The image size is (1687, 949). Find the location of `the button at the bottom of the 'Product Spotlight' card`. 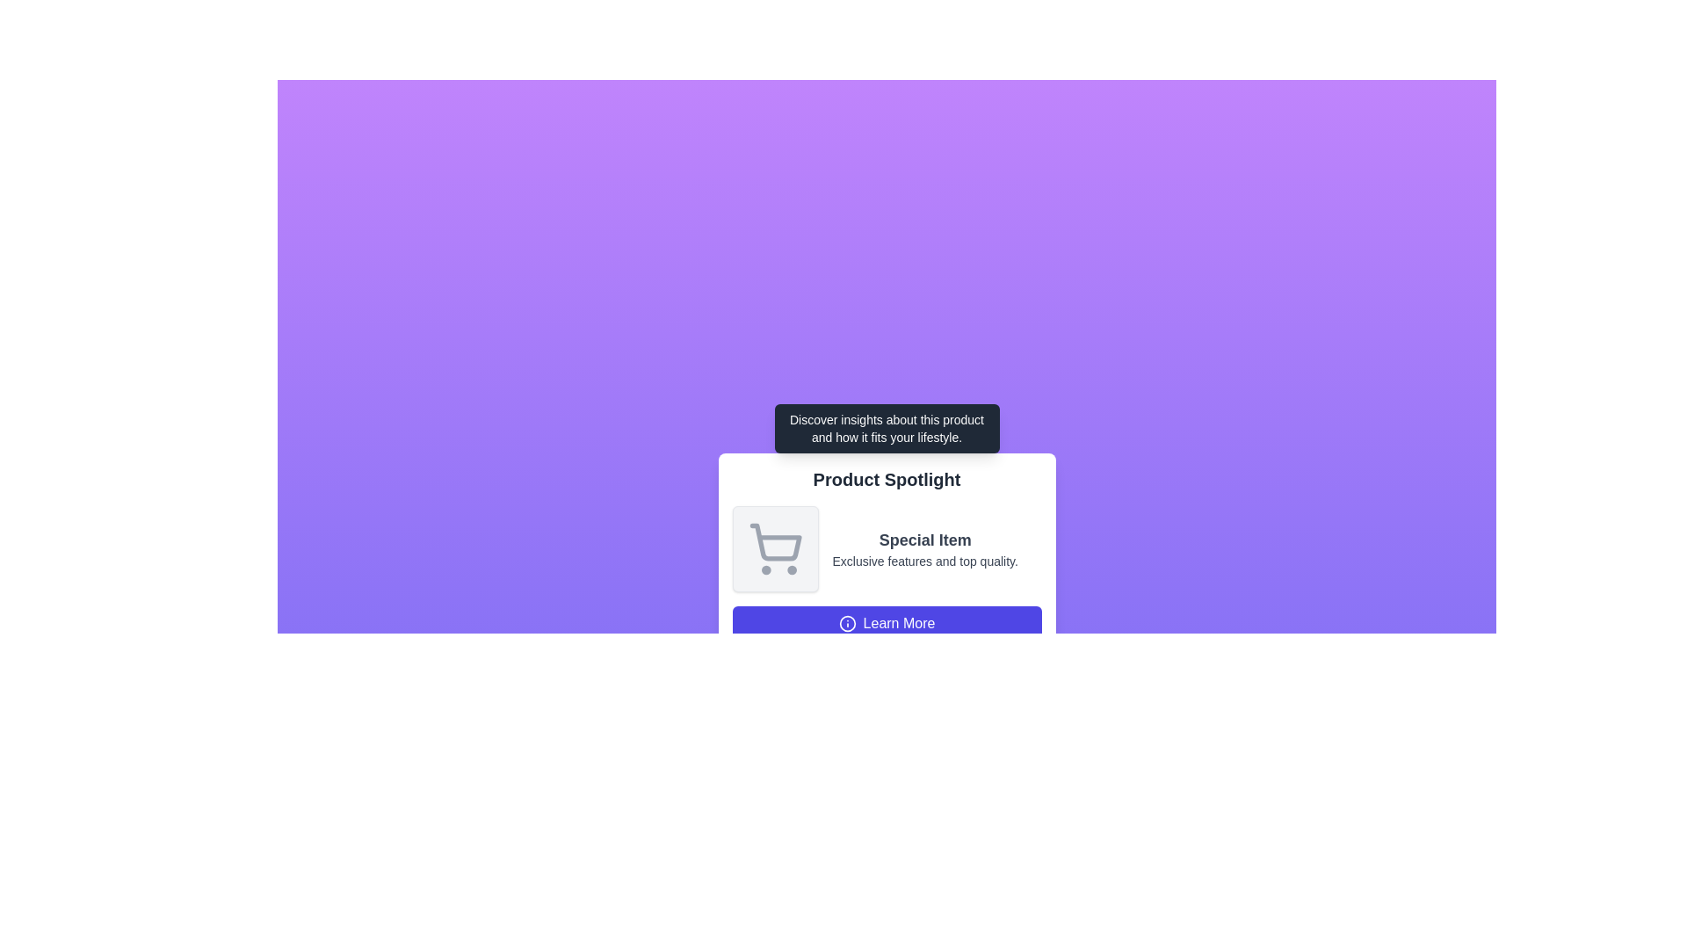

the button at the bottom of the 'Product Spotlight' card is located at coordinates (887, 622).